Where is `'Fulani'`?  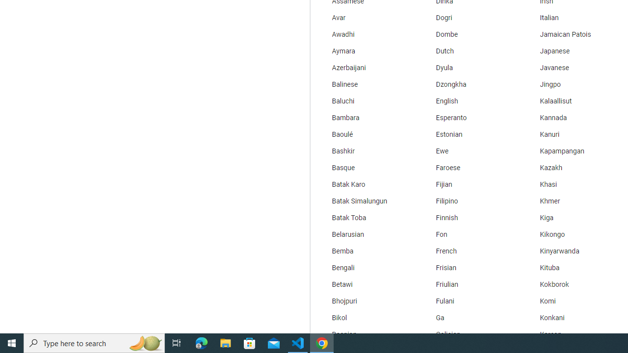 'Fulani' is located at coordinates (469, 301).